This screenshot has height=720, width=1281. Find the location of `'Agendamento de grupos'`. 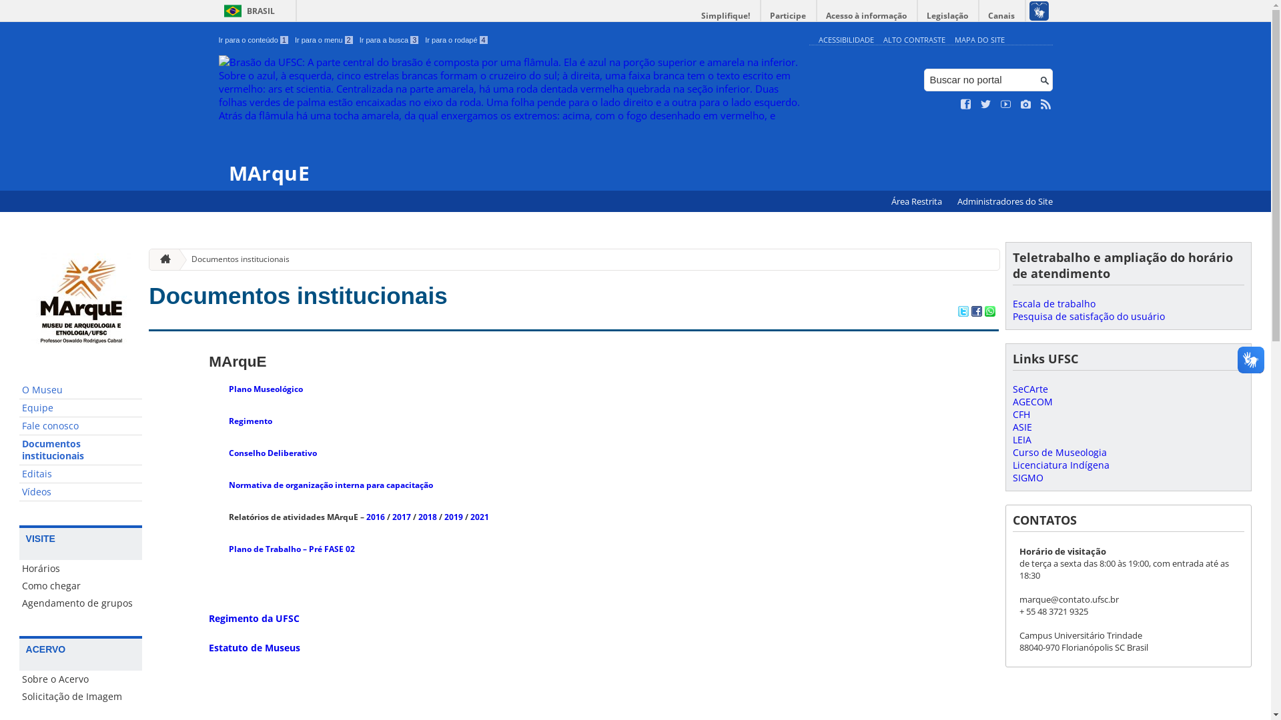

'Agendamento de grupos' is located at coordinates (80, 603).